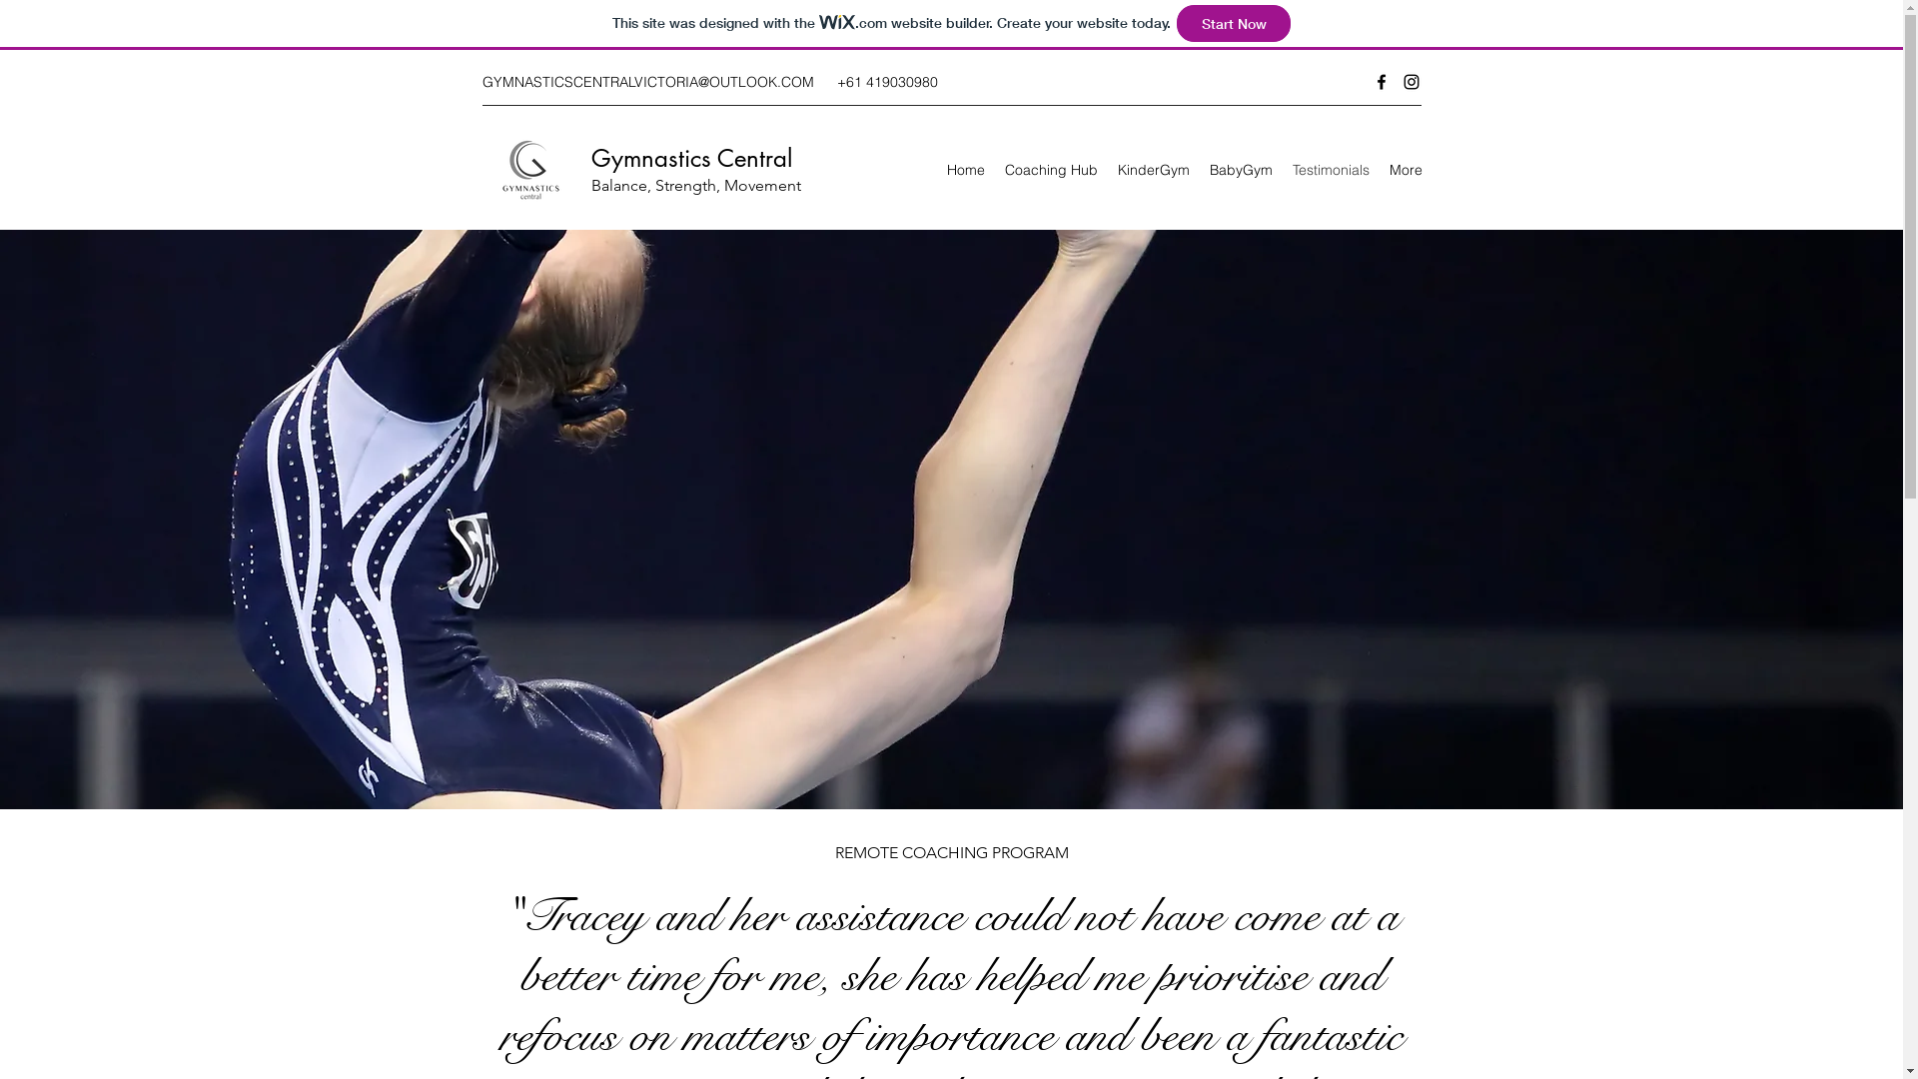 Image resolution: width=1918 pixels, height=1079 pixels. What do you see at coordinates (1199, 168) in the screenshot?
I see `'BabyGym'` at bounding box center [1199, 168].